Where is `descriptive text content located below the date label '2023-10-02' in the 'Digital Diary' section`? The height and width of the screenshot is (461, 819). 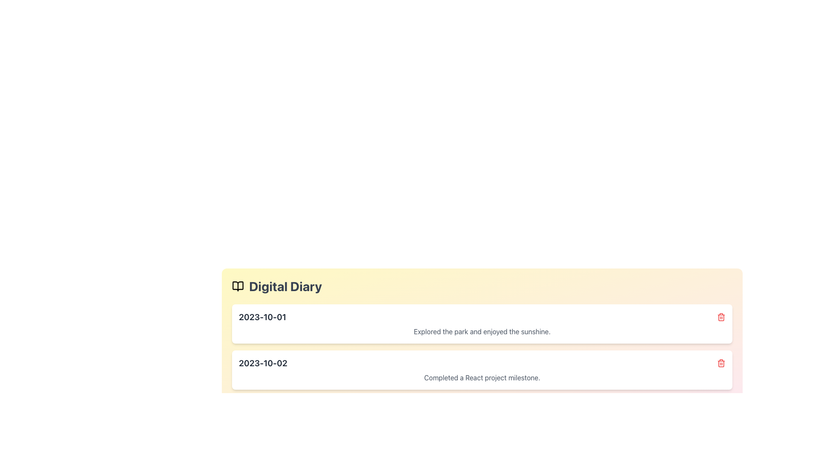 descriptive text content located below the date label '2023-10-02' in the 'Digital Diary' section is located at coordinates (482, 377).